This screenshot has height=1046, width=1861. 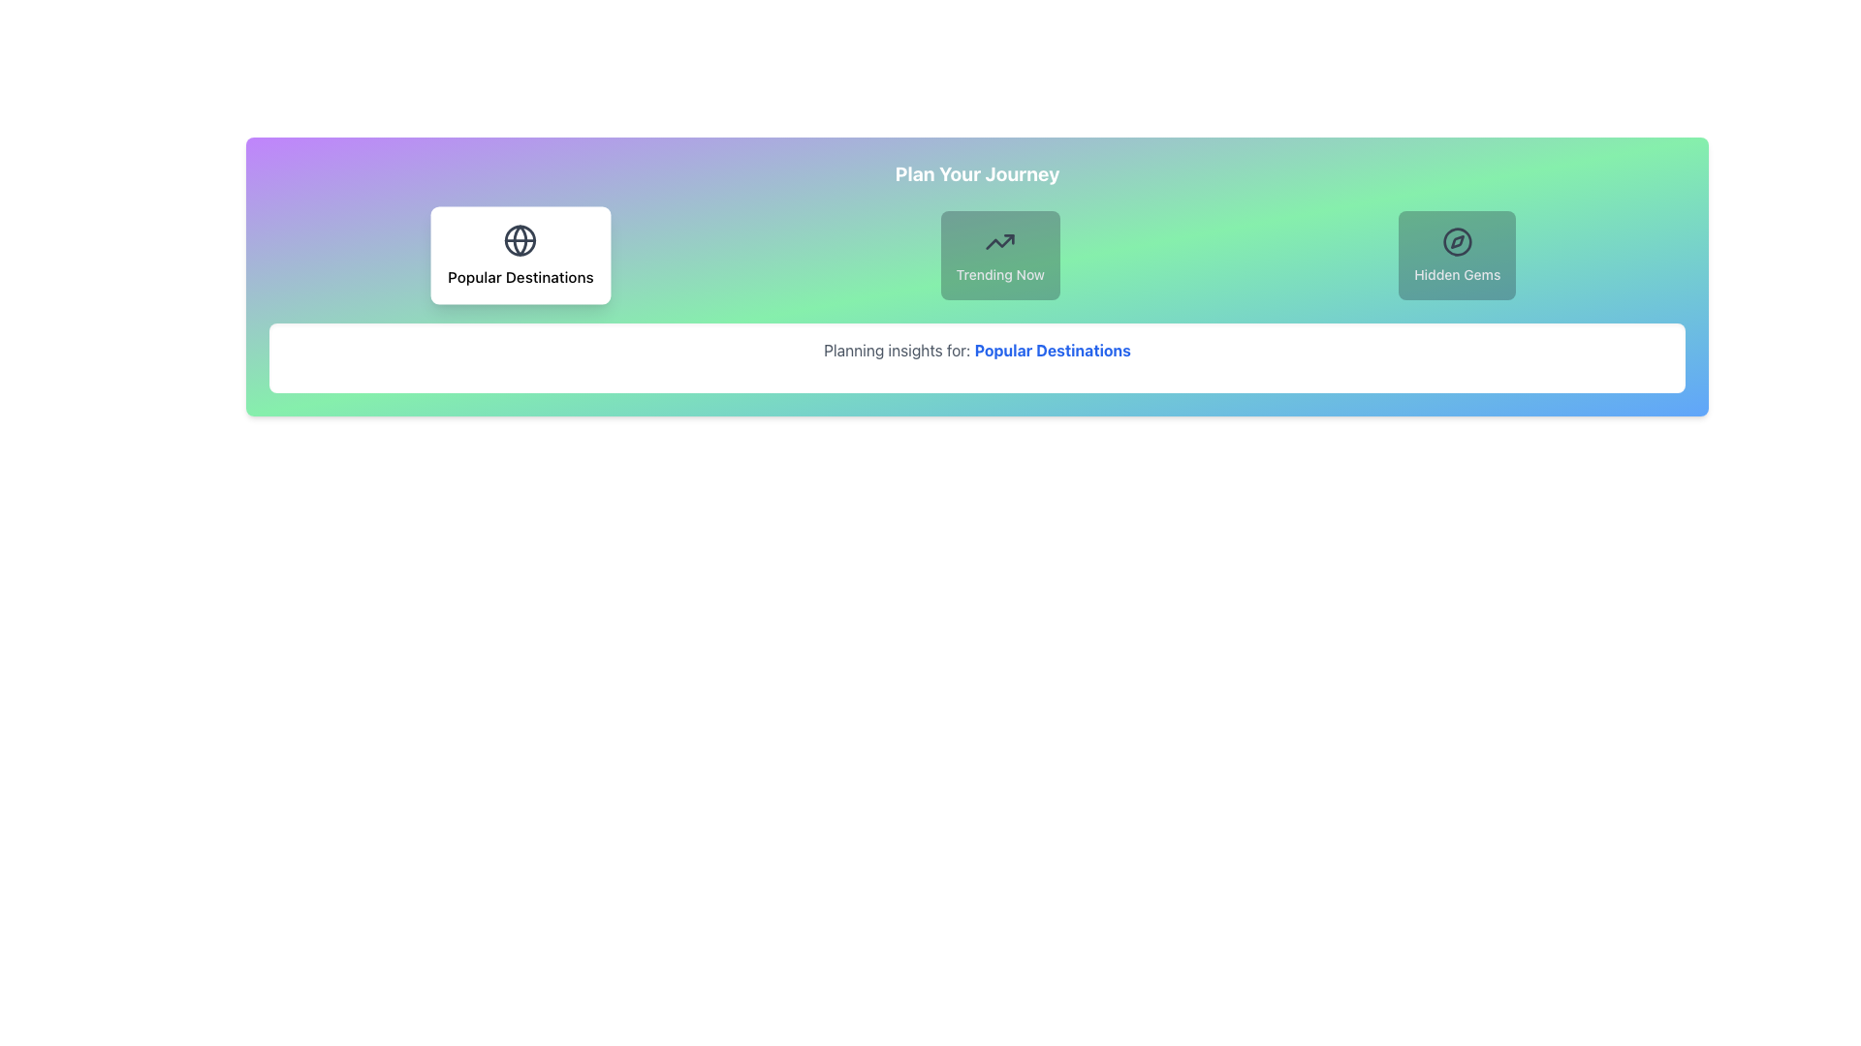 What do you see at coordinates (977, 358) in the screenshot?
I see `the static informational text block that contains the text 'Planning insights for: Popular Destinations', which is styled with gray text and the phrase 'Popular Destinations' in blue, bold font` at bounding box center [977, 358].